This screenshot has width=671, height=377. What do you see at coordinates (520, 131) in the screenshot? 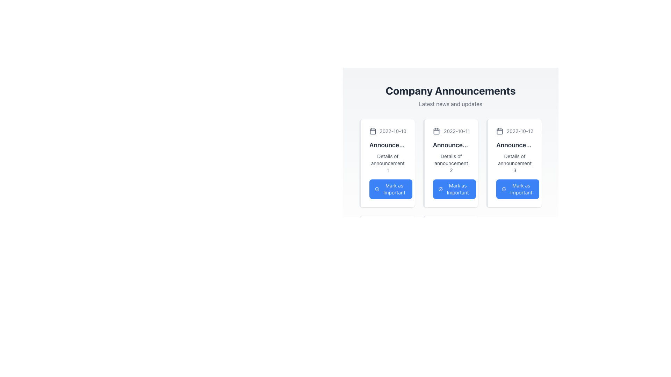
I see `date displayed in the Text Label located in the top section of the third card, aligned to the right of the calendar icon in the Announcement 3 section` at bounding box center [520, 131].